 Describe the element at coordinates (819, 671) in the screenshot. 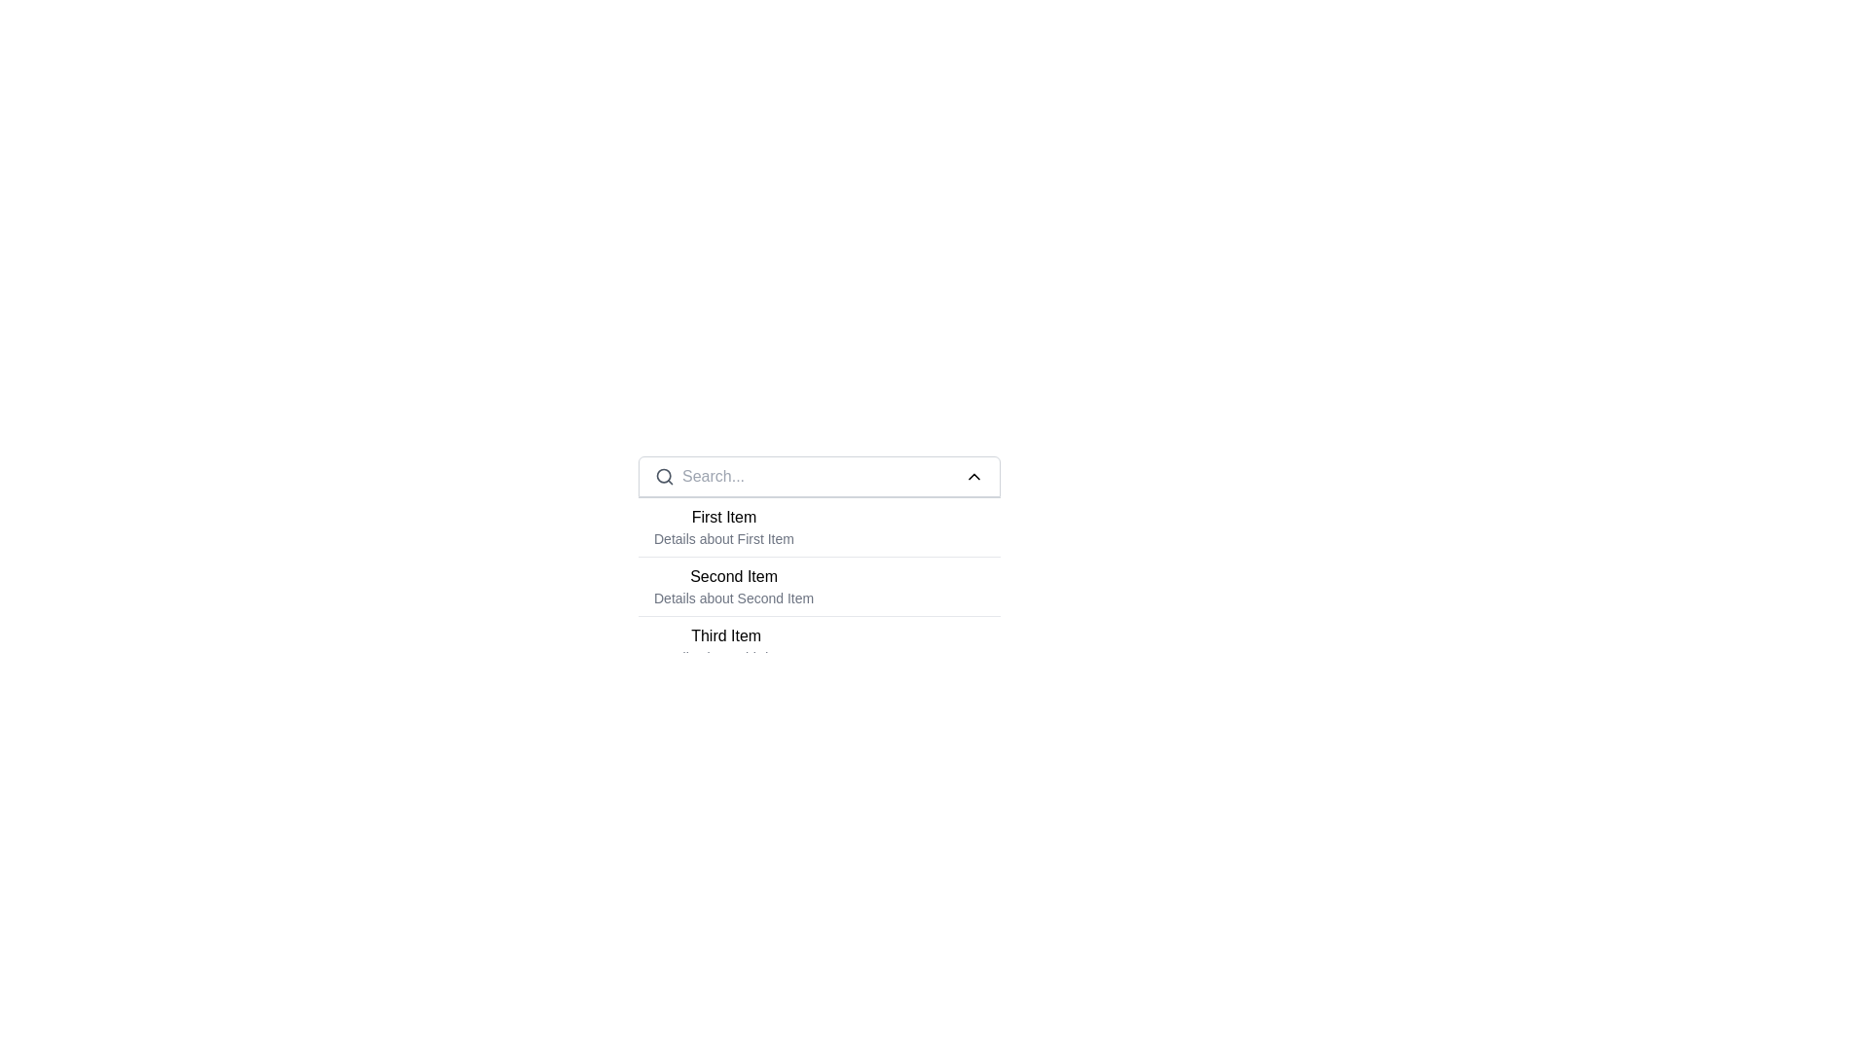

I see `the items within the central search and display panel` at that location.